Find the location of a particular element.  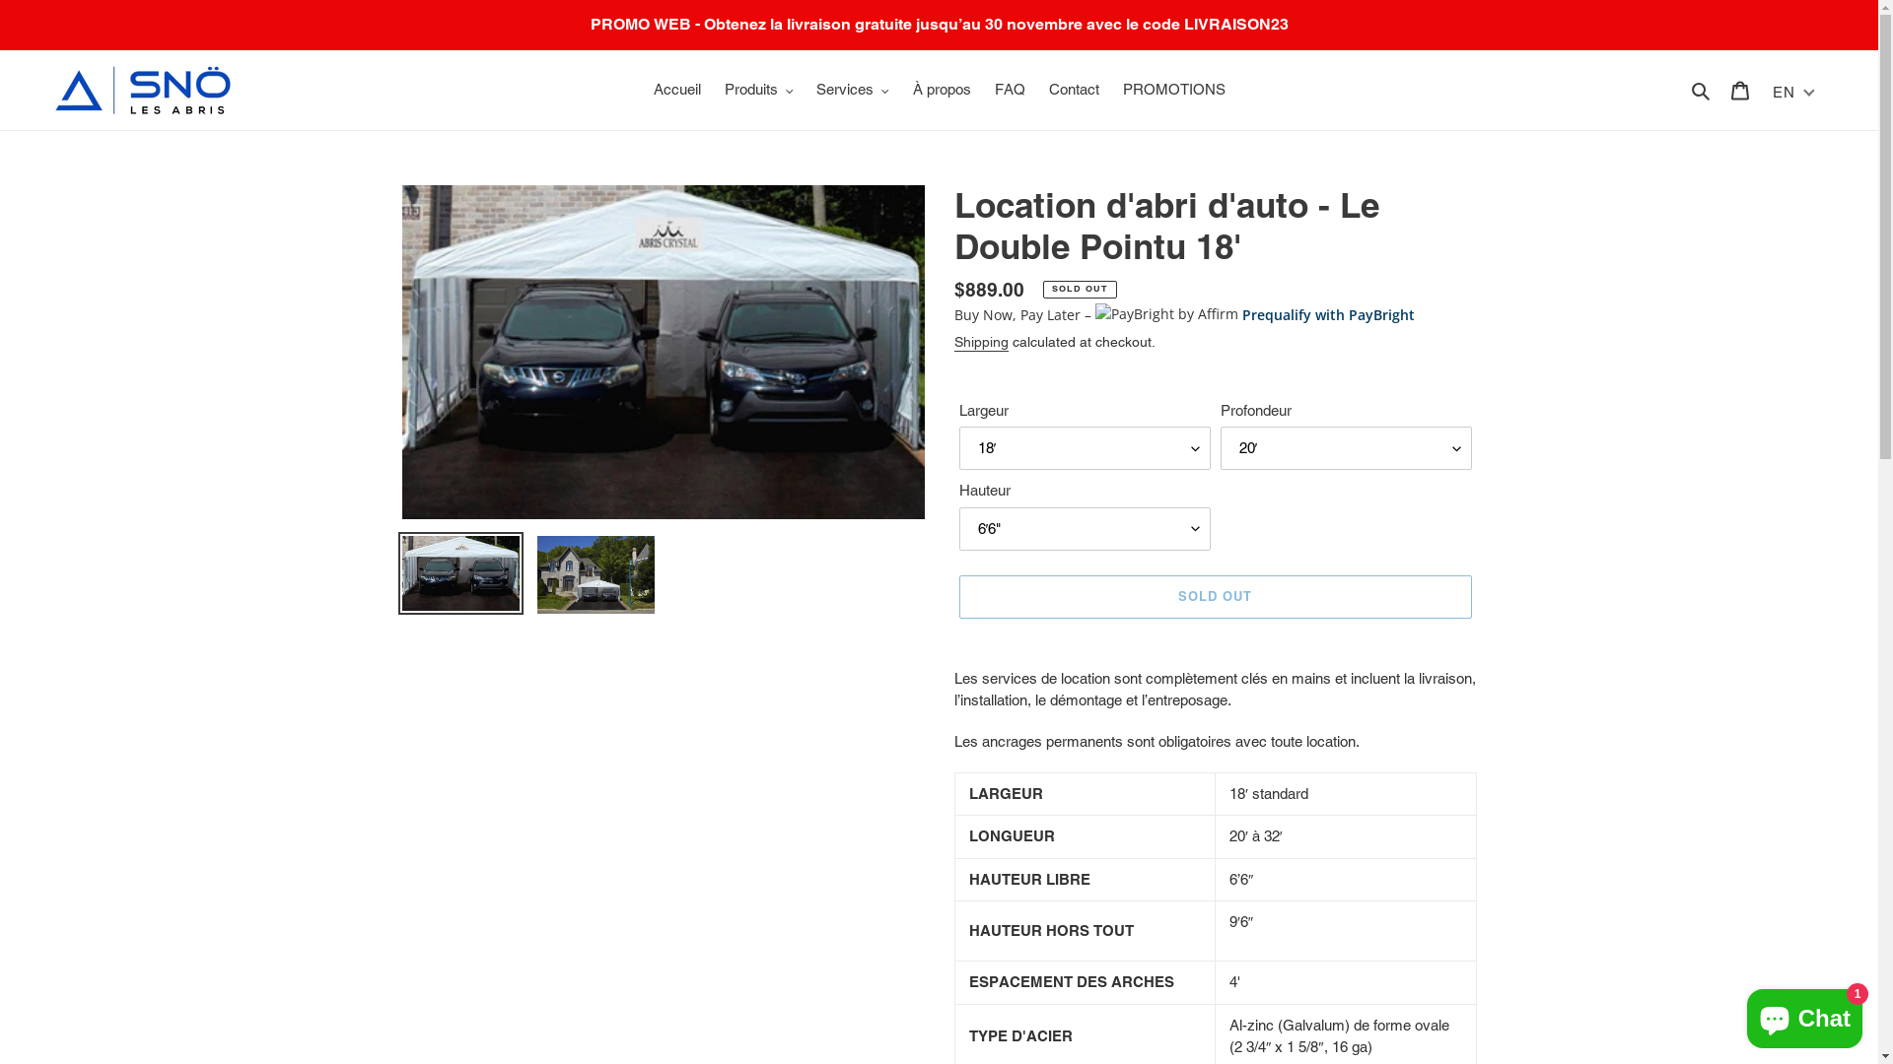

'Search' is located at coordinates (1683, 90).